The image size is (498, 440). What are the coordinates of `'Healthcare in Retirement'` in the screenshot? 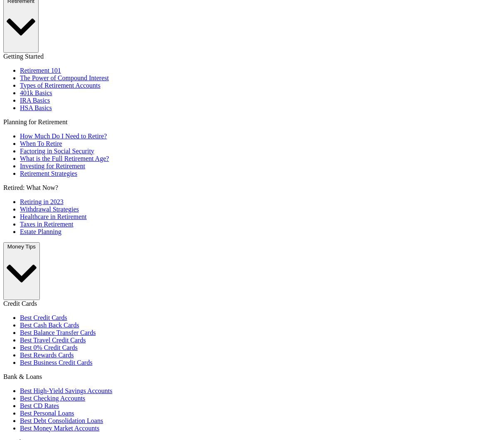 It's located at (20, 216).